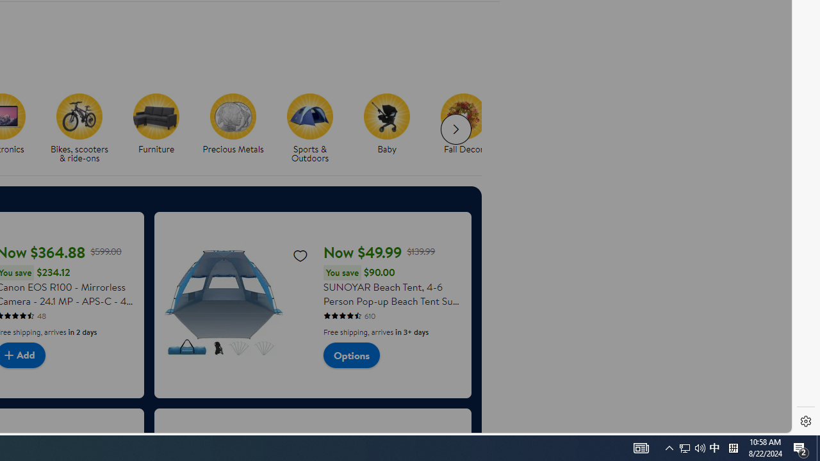  Describe the element at coordinates (386, 124) in the screenshot. I see `'Baby Baby'` at that location.